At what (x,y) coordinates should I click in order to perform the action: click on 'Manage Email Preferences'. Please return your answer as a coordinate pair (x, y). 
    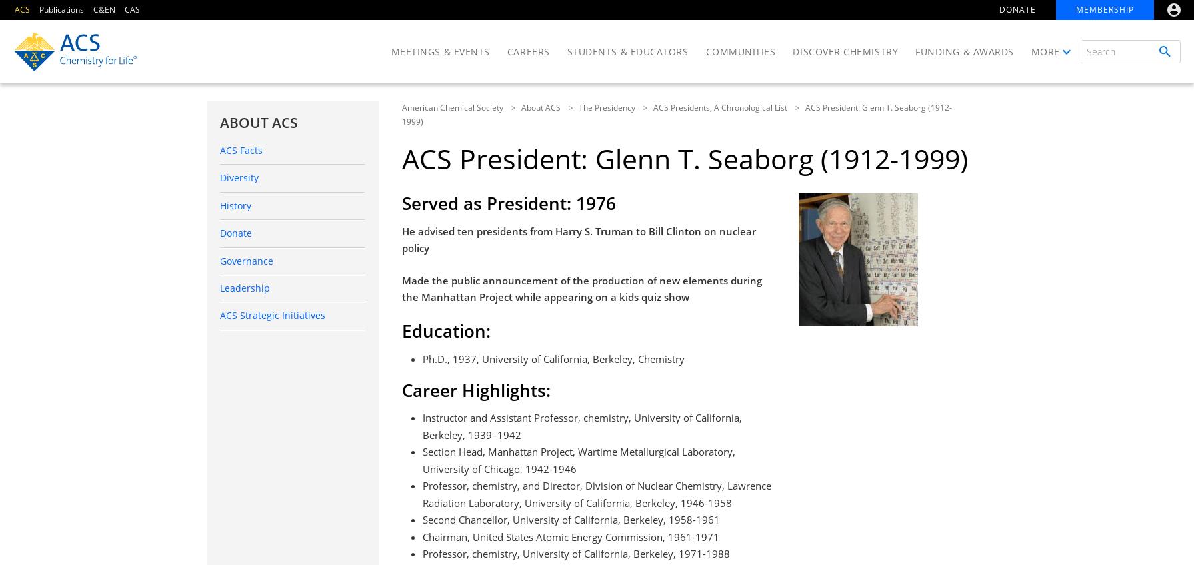
    Looking at the image, I should click on (1008, 181).